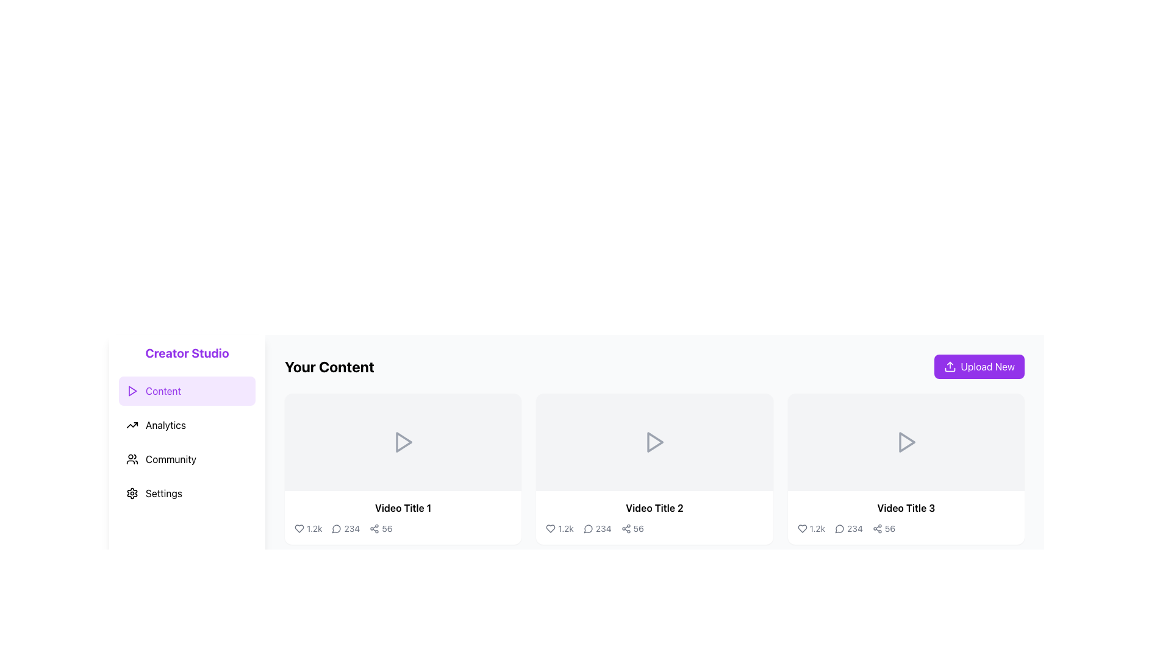 Image resolution: width=1171 pixels, height=658 pixels. What do you see at coordinates (654, 442) in the screenshot?
I see `the play button SVG graphic located in the second card of the three-column layout under the heading 'Your Content'` at bounding box center [654, 442].